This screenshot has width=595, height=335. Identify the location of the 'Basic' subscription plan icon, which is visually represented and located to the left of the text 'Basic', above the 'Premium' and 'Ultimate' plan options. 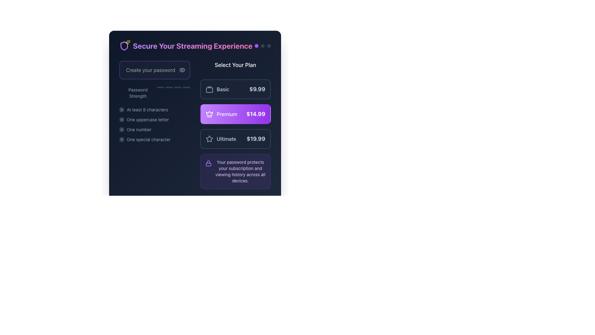
(209, 89).